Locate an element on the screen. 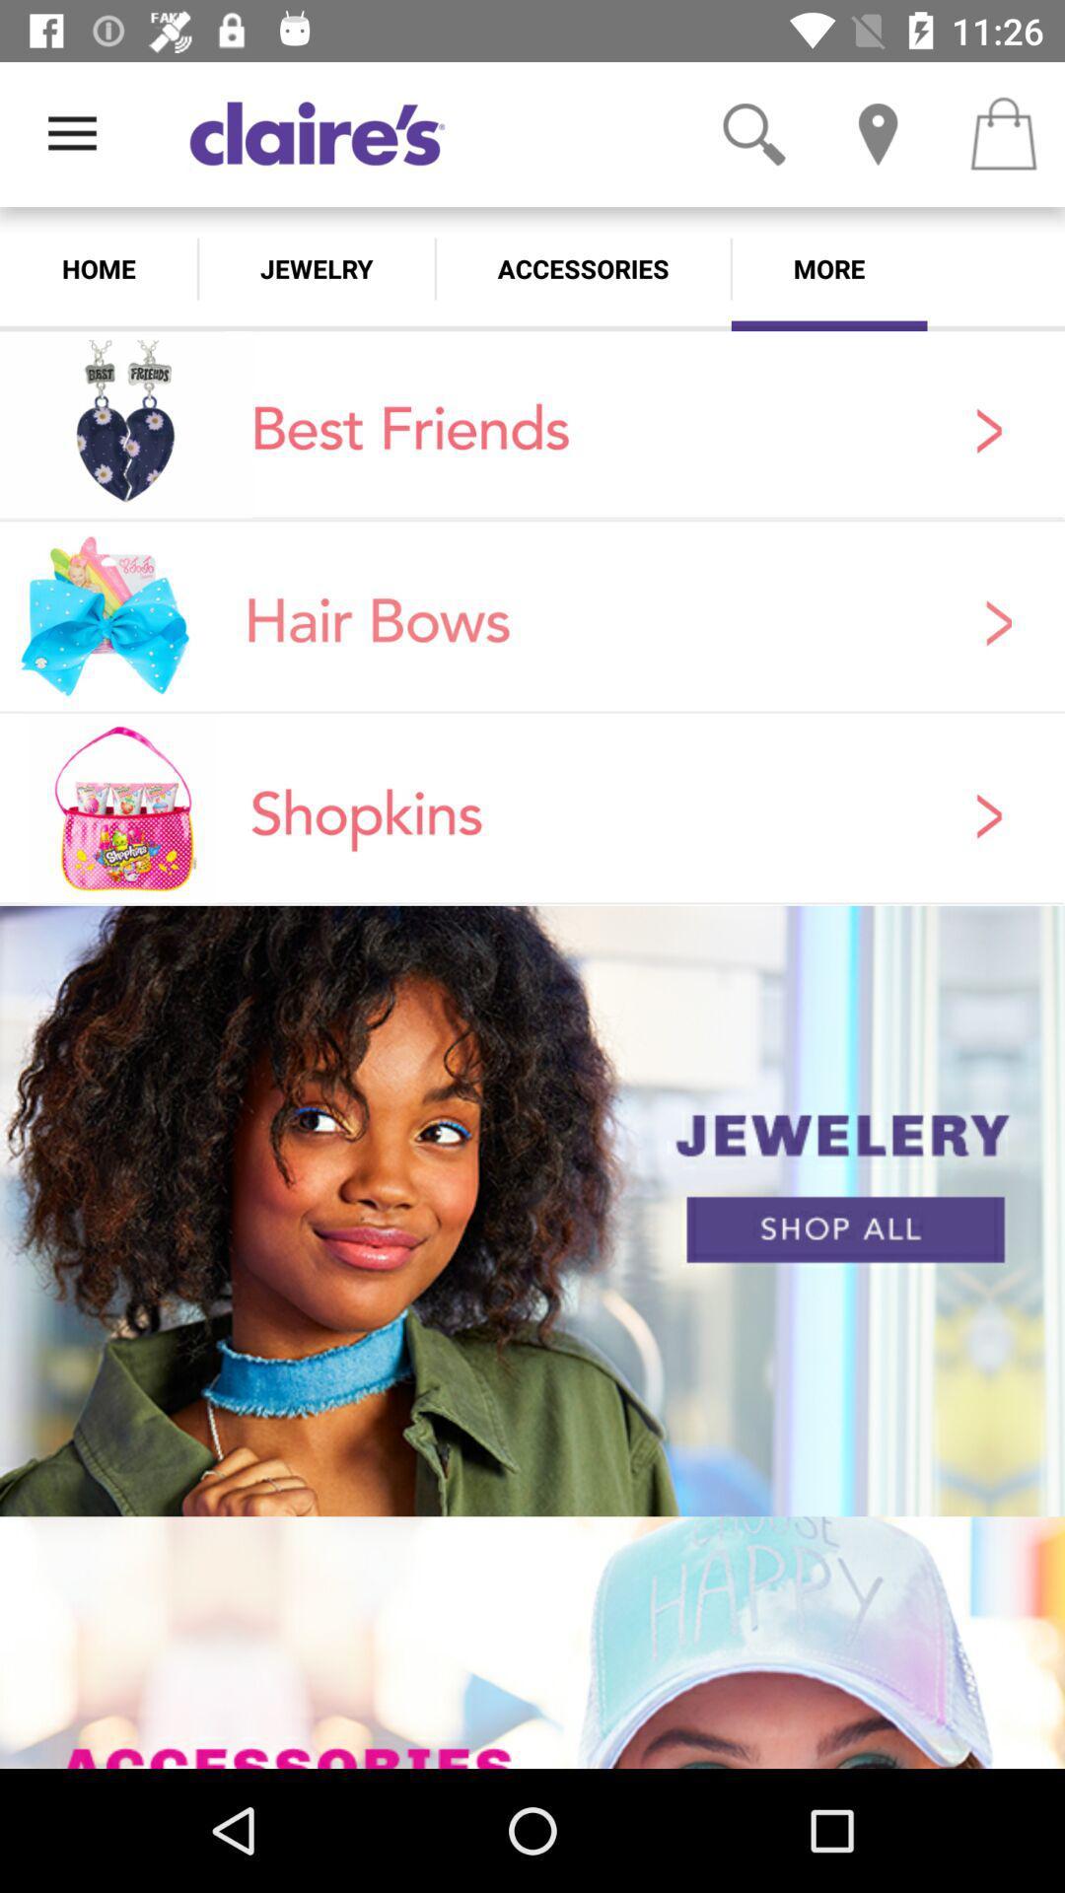 This screenshot has height=1893, width=1065. item to the right of the home icon is located at coordinates (316, 268).